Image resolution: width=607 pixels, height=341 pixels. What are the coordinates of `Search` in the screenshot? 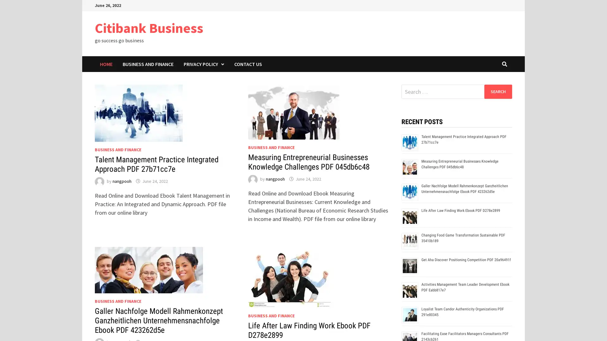 It's located at (498, 91).